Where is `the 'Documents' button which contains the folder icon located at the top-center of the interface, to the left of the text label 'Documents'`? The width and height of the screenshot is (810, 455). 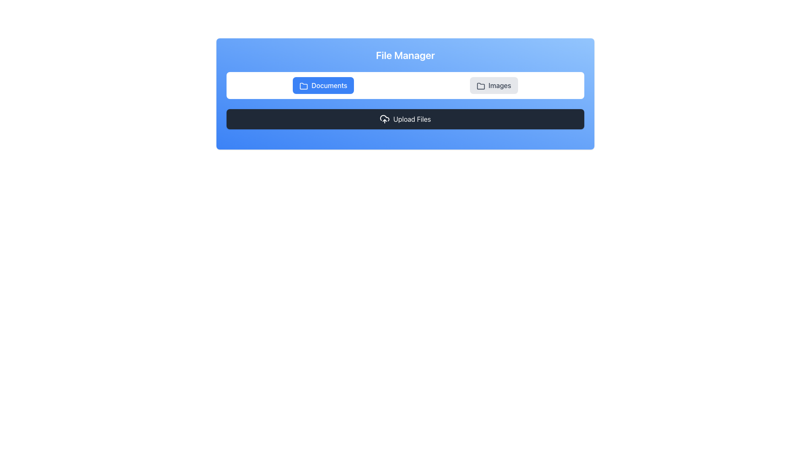
the 'Documents' button which contains the folder icon located at the top-center of the interface, to the left of the text label 'Documents' is located at coordinates (304, 86).